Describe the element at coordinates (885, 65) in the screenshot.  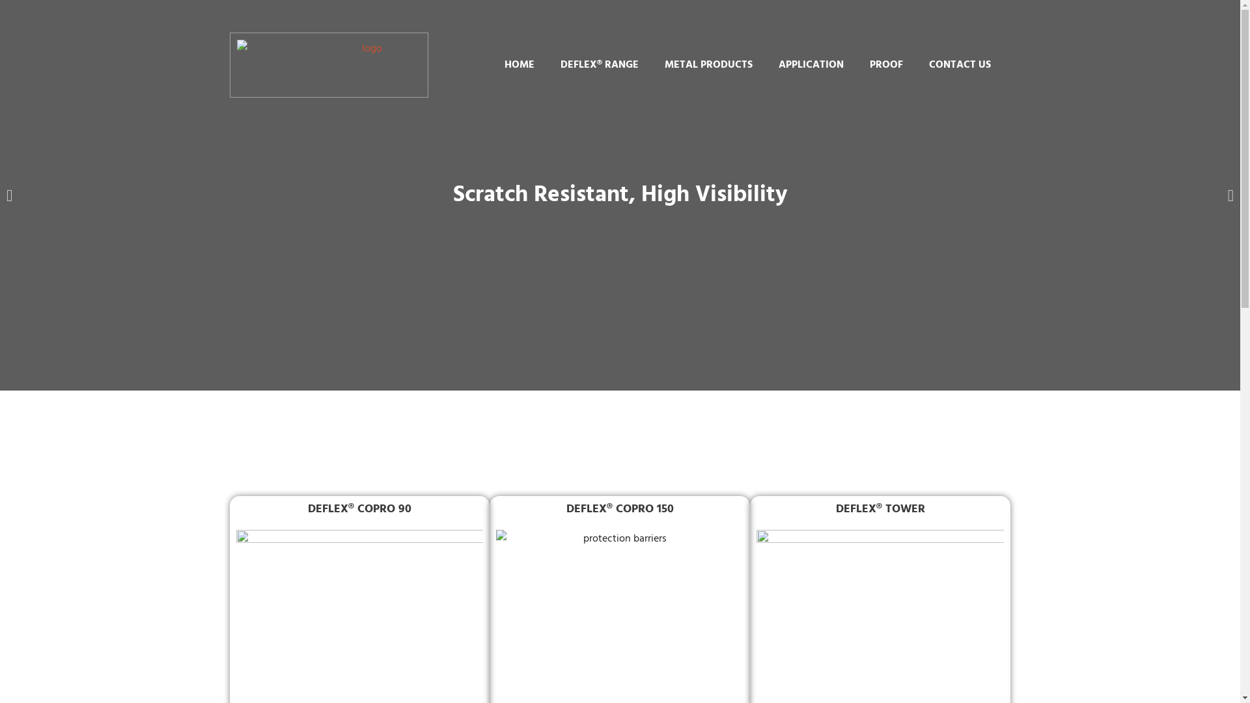
I see `'PROOF'` at that location.